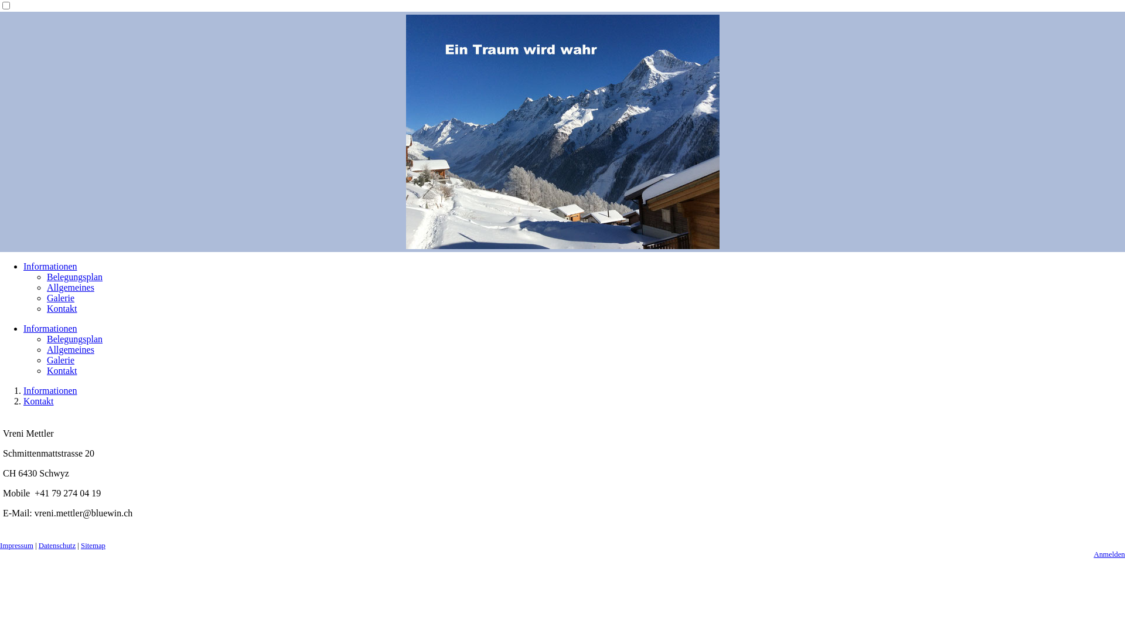  What do you see at coordinates (16, 545) in the screenshot?
I see `'Impressum'` at bounding box center [16, 545].